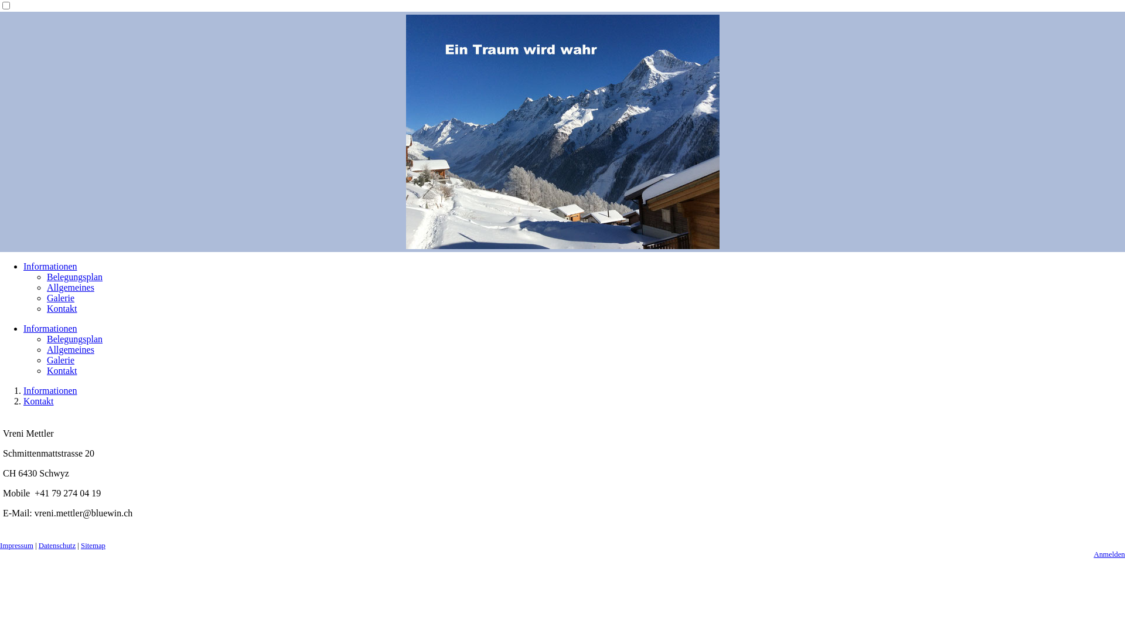  What do you see at coordinates (16, 545) in the screenshot?
I see `'Impressum'` at bounding box center [16, 545].